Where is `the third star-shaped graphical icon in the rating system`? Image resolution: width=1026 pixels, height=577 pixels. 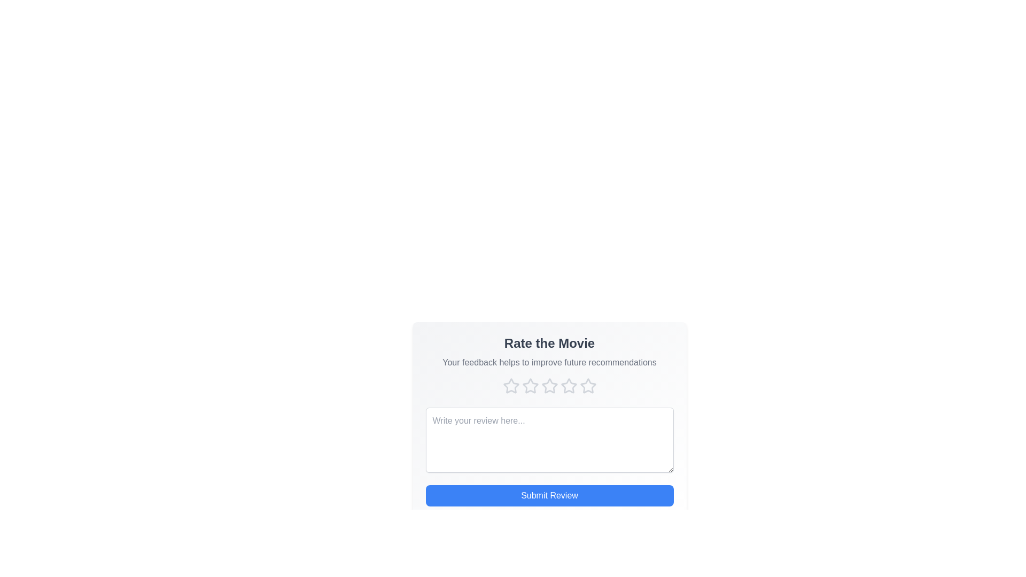 the third star-shaped graphical icon in the rating system is located at coordinates (549, 385).